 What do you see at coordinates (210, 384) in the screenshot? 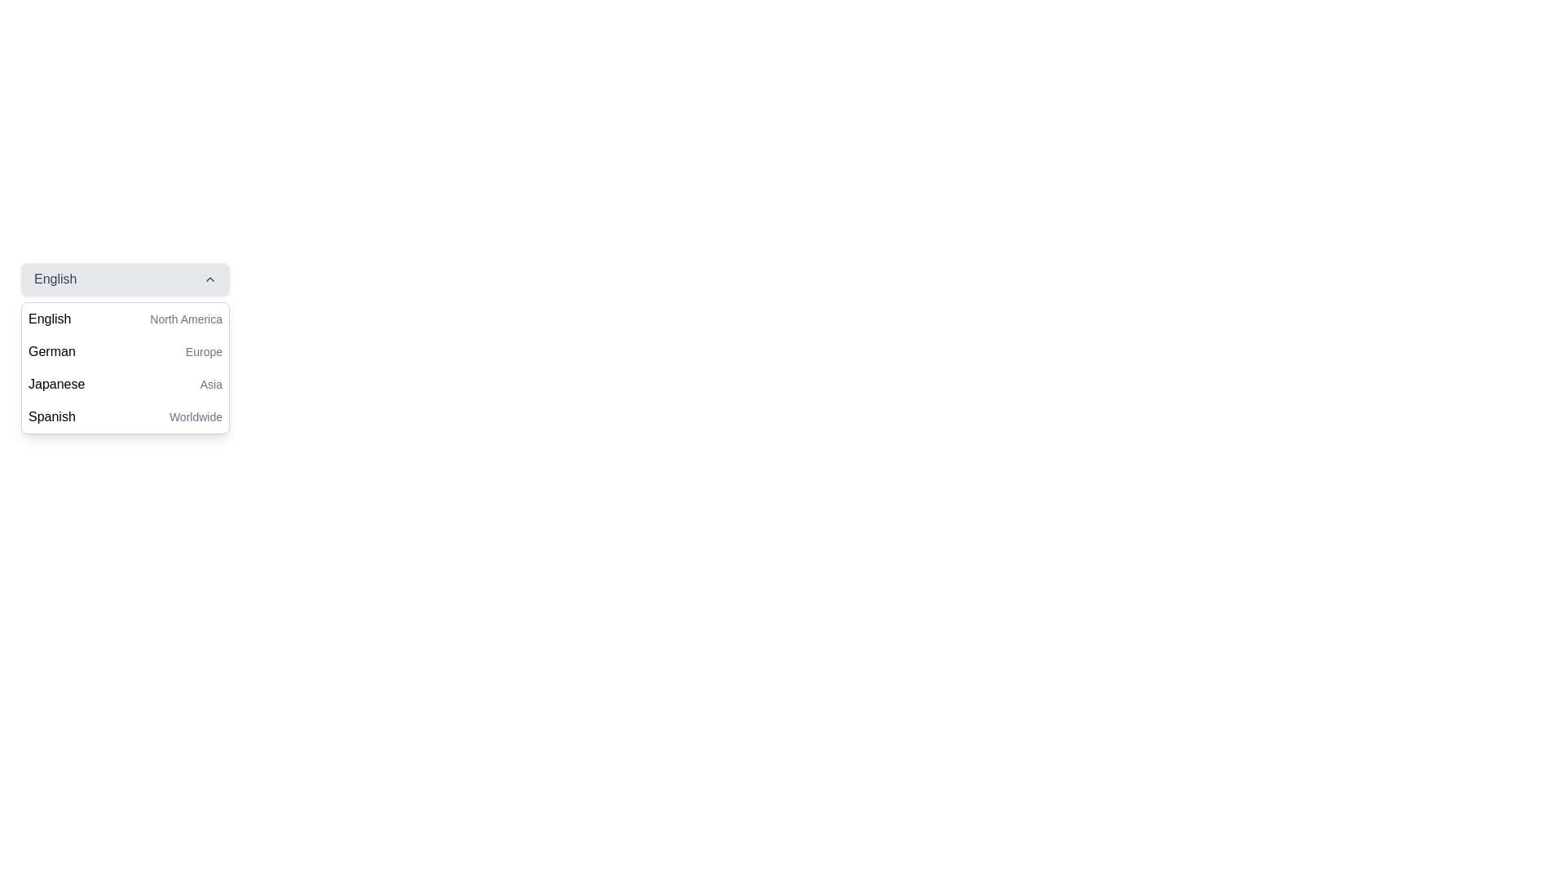
I see `the Text label indicating the region-related categorization for the 'Japanese' language option in the dropdown menu` at bounding box center [210, 384].